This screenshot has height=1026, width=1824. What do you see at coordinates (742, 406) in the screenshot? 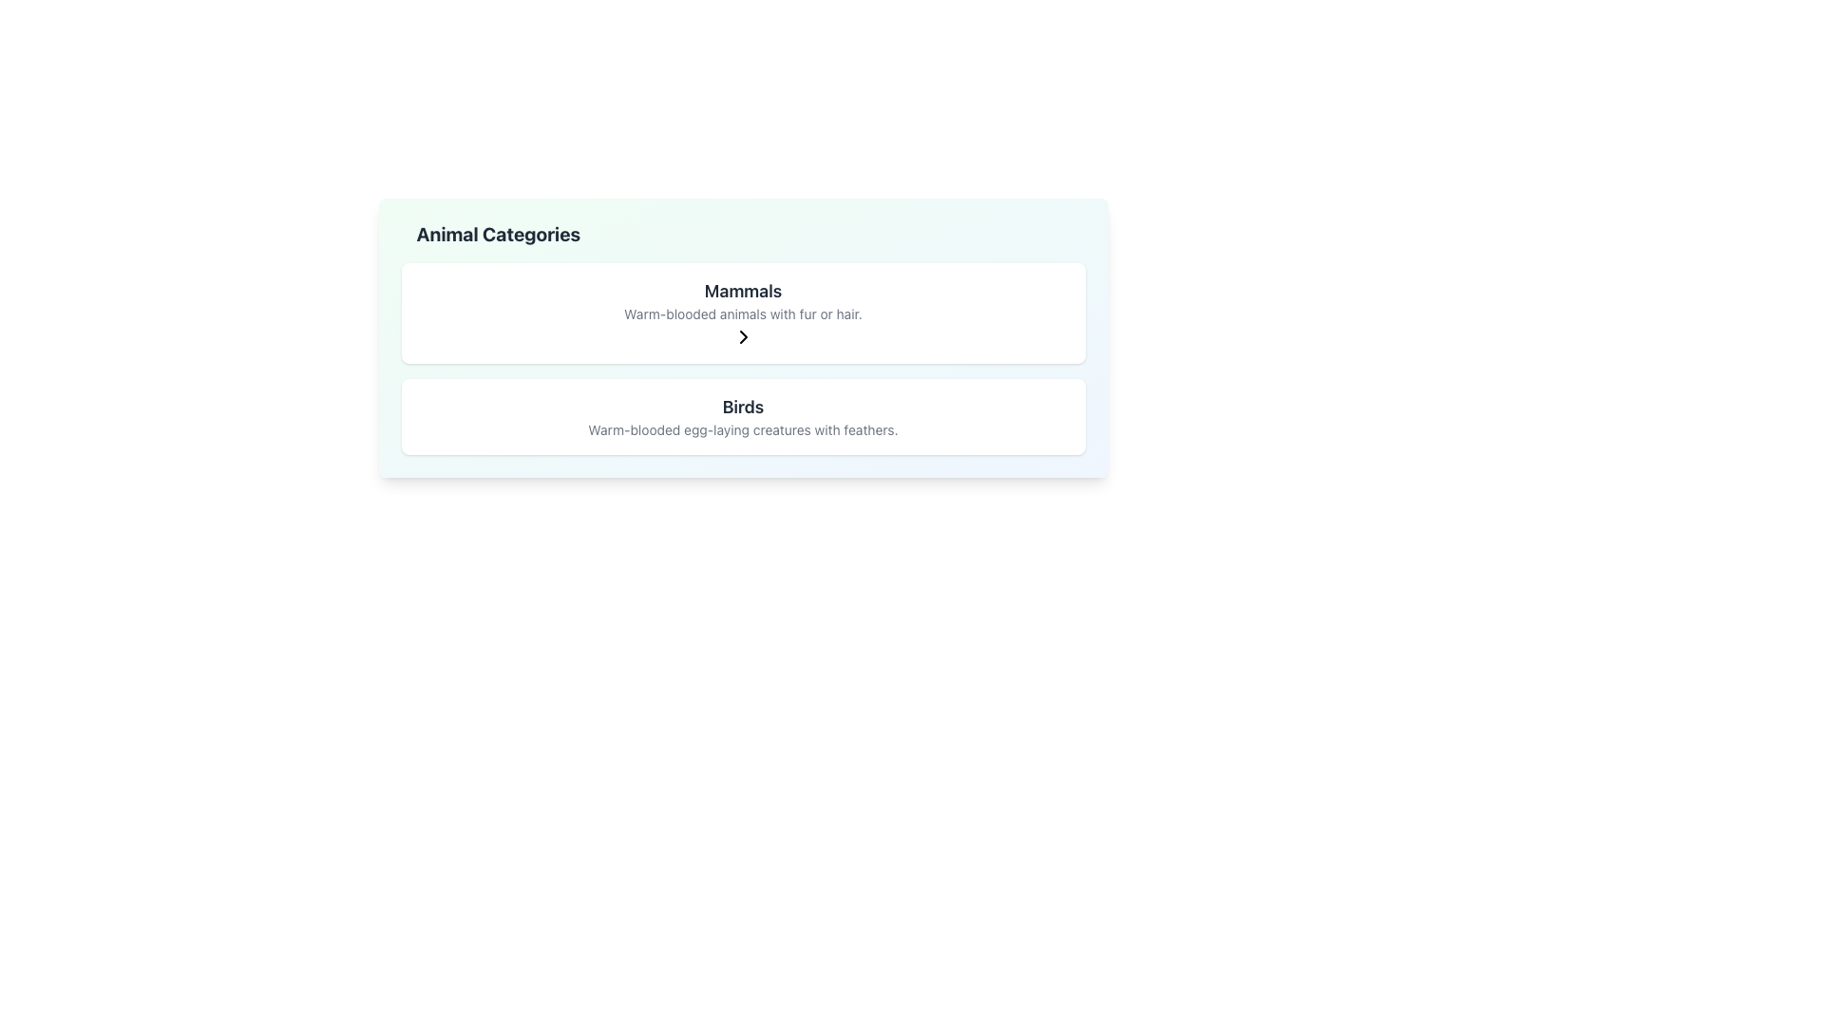
I see `the text element titled 'Birds'` at bounding box center [742, 406].